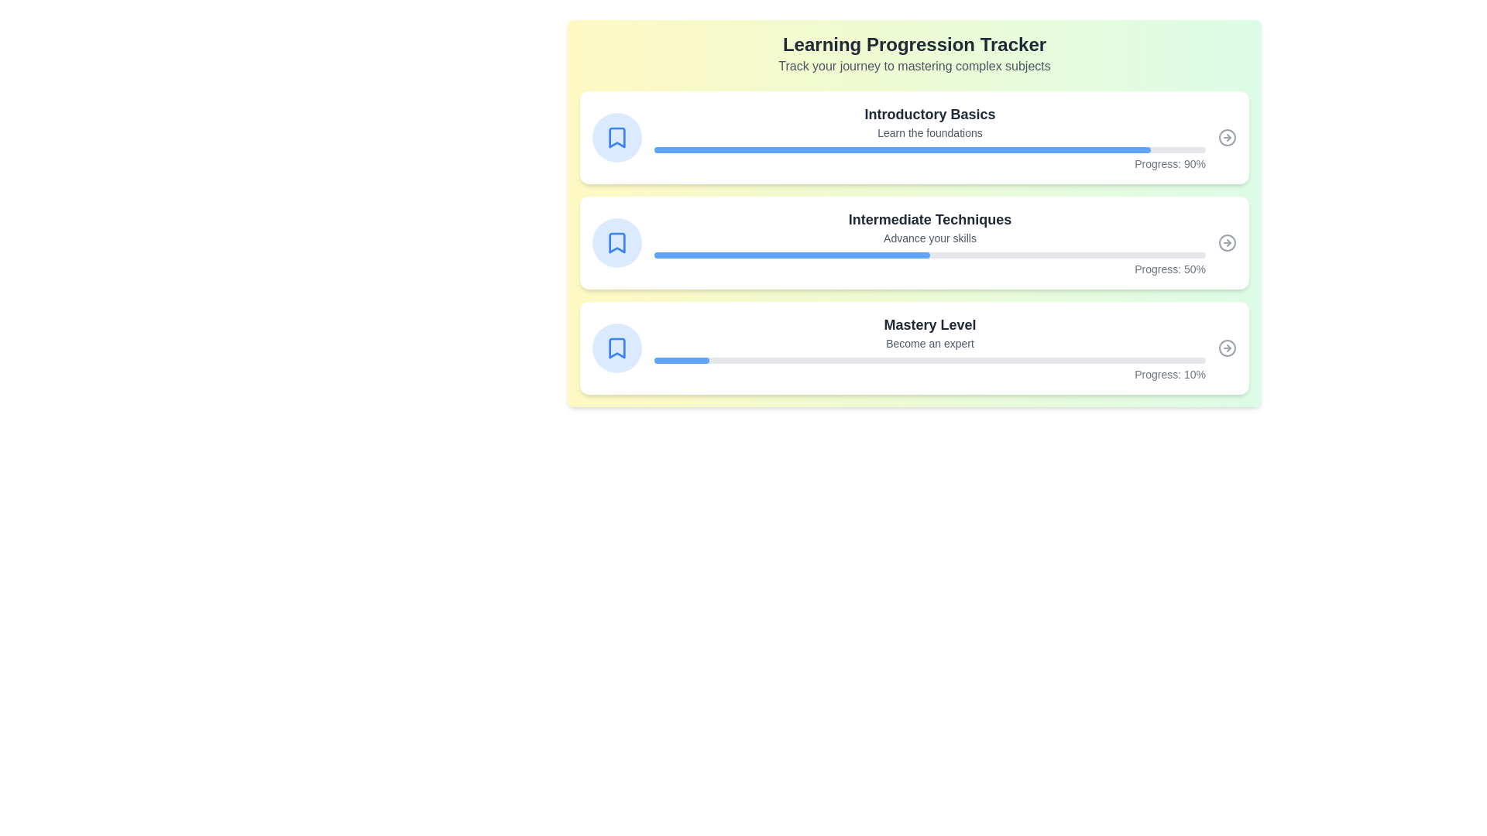 Image resolution: width=1487 pixels, height=836 pixels. Describe the element at coordinates (1226, 136) in the screenshot. I see `the Circular navigation arrow icon located on the right side of the 'Introductory Basics' panel` at that location.